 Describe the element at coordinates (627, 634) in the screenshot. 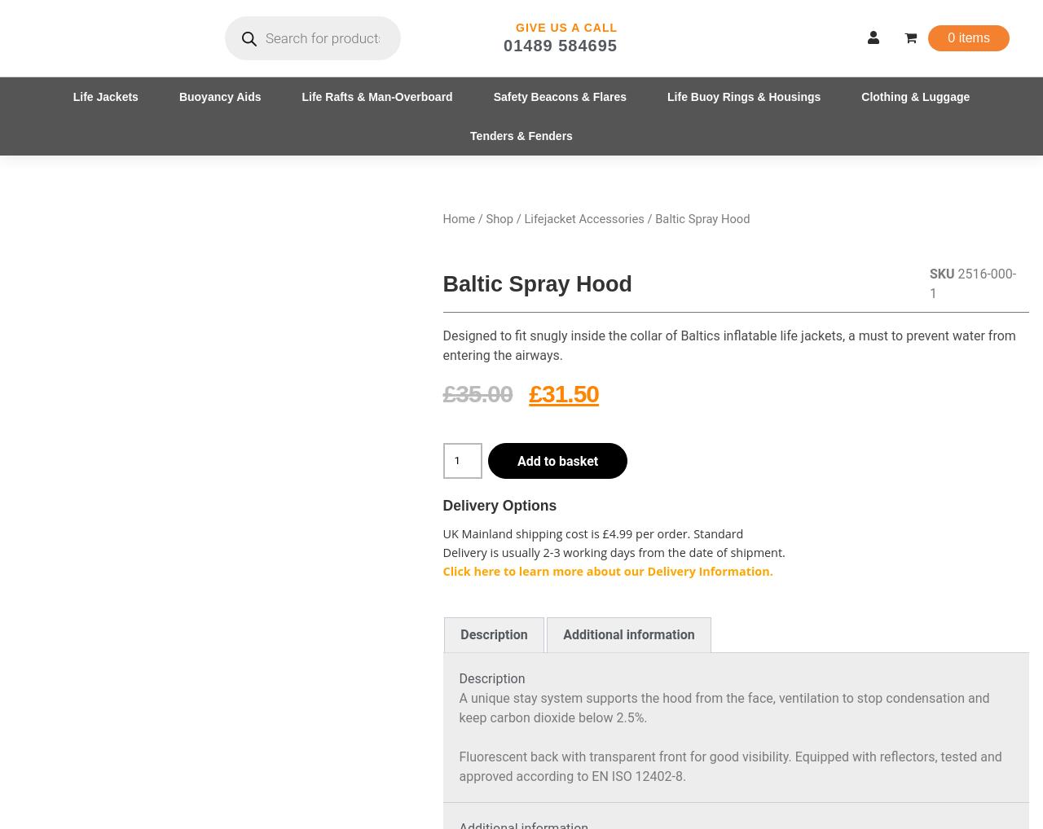

I see `'Additional information'` at that location.